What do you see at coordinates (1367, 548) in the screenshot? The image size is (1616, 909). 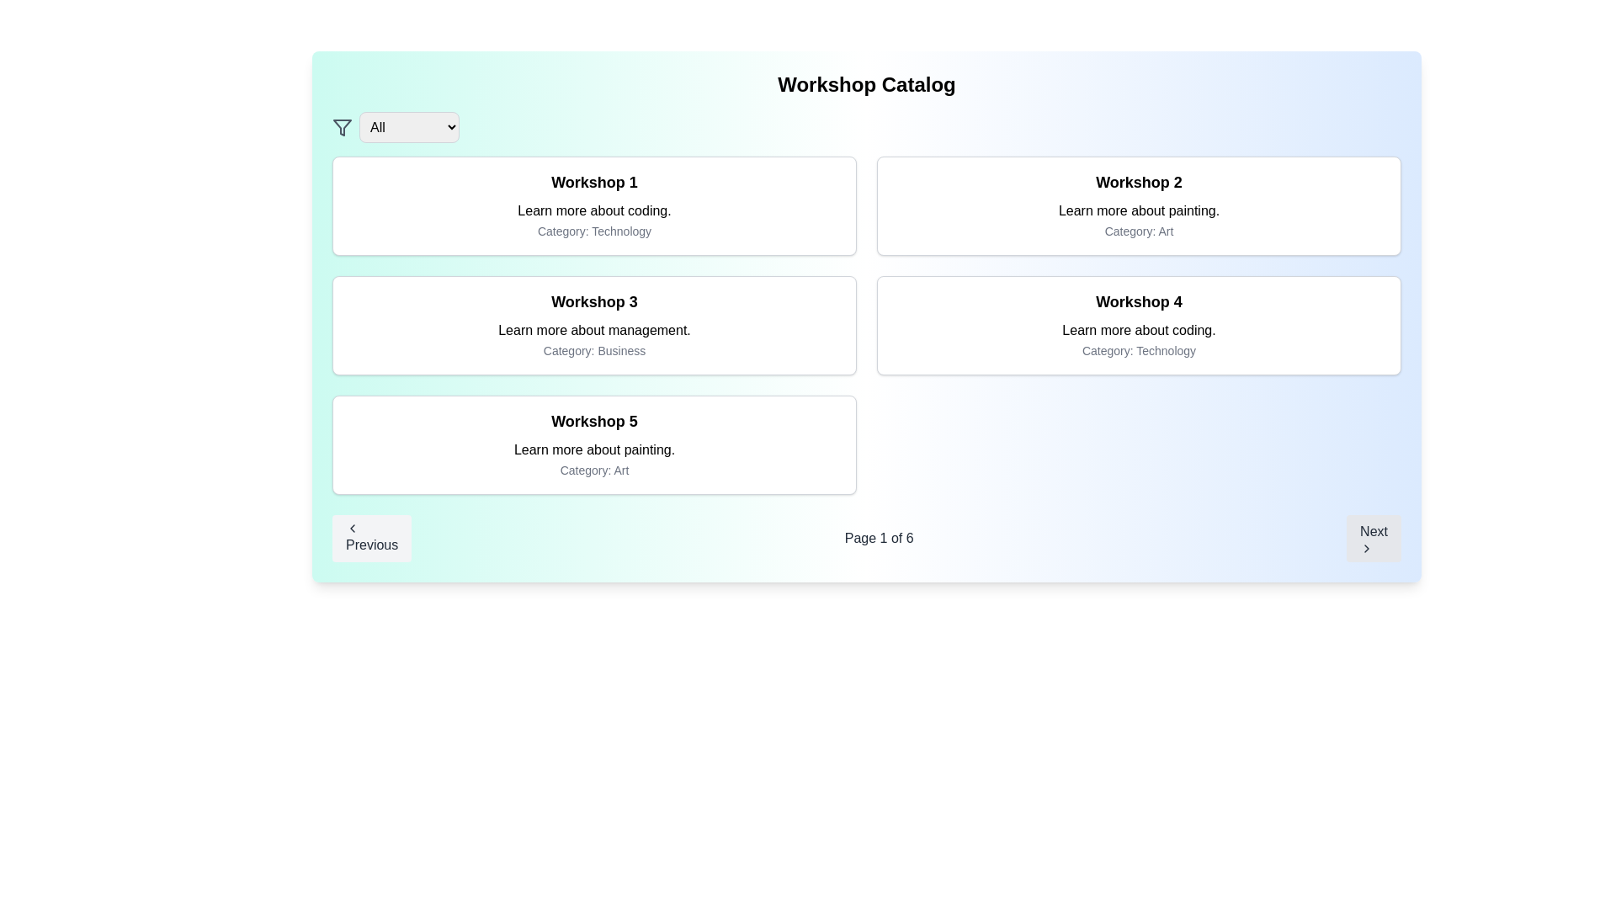 I see `the small right-pointing chevron icon next to the 'Next' button` at bounding box center [1367, 548].